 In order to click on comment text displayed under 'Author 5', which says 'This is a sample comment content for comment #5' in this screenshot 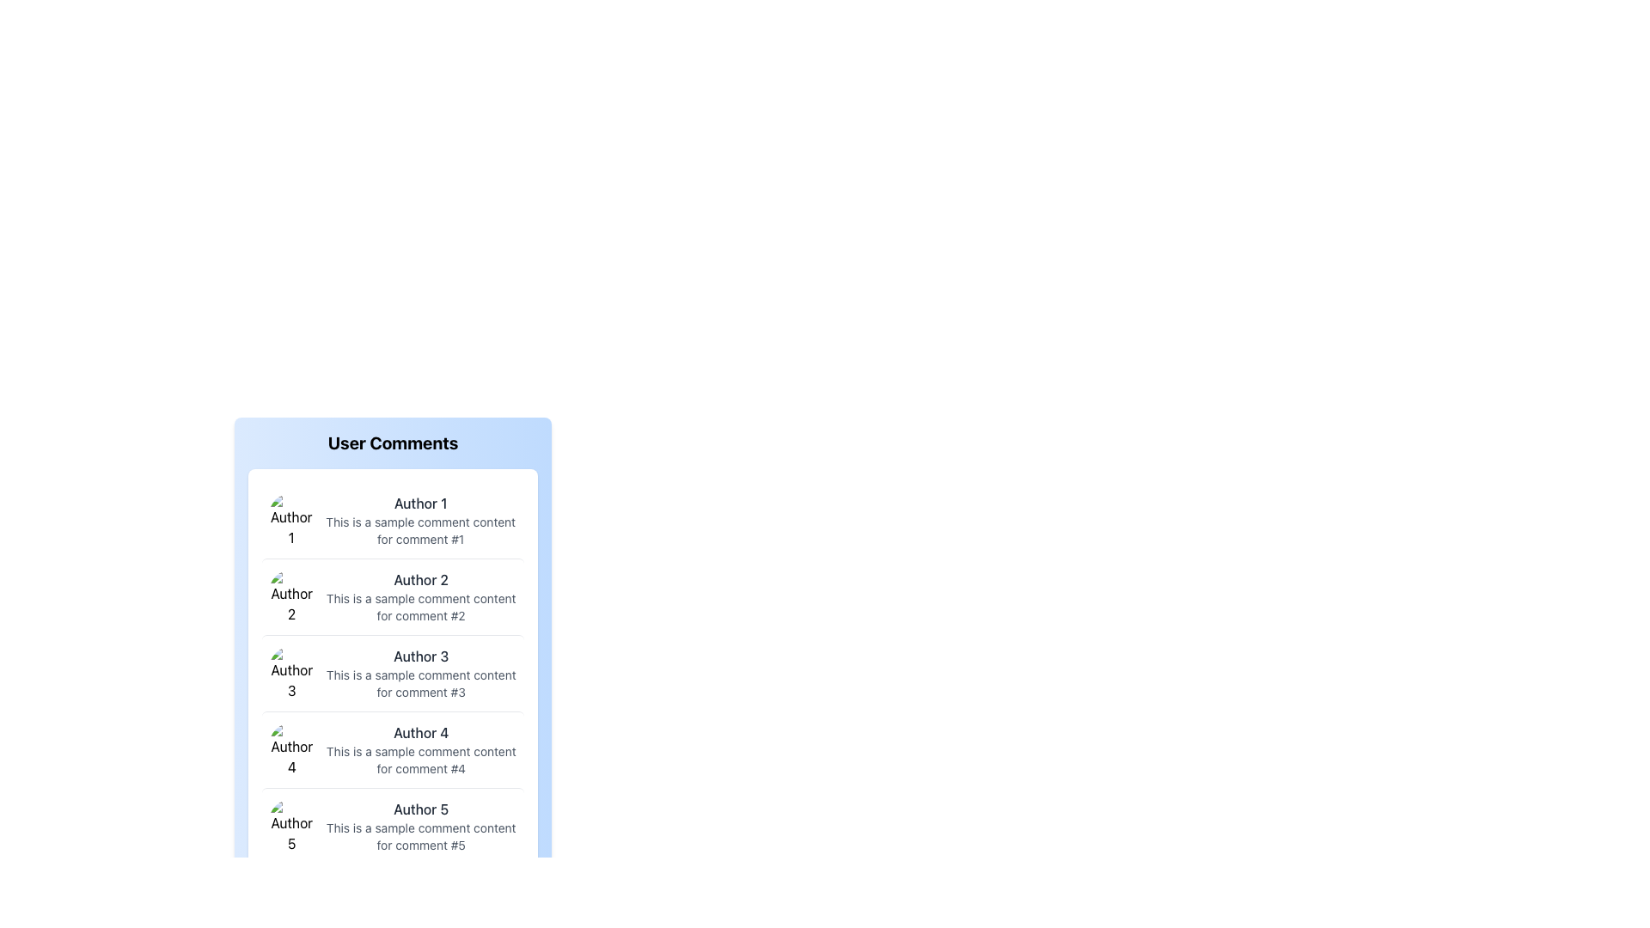, I will do `click(421, 825)`.